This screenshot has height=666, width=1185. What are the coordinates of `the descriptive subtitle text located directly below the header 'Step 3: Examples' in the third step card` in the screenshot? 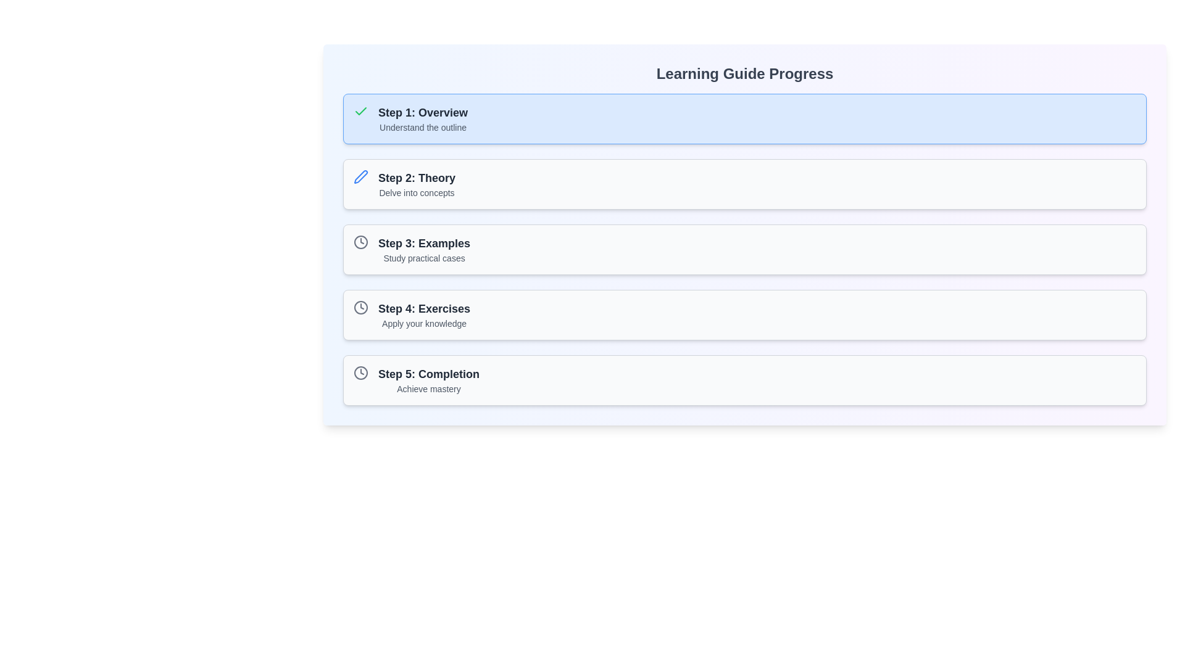 It's located at (424, 258).